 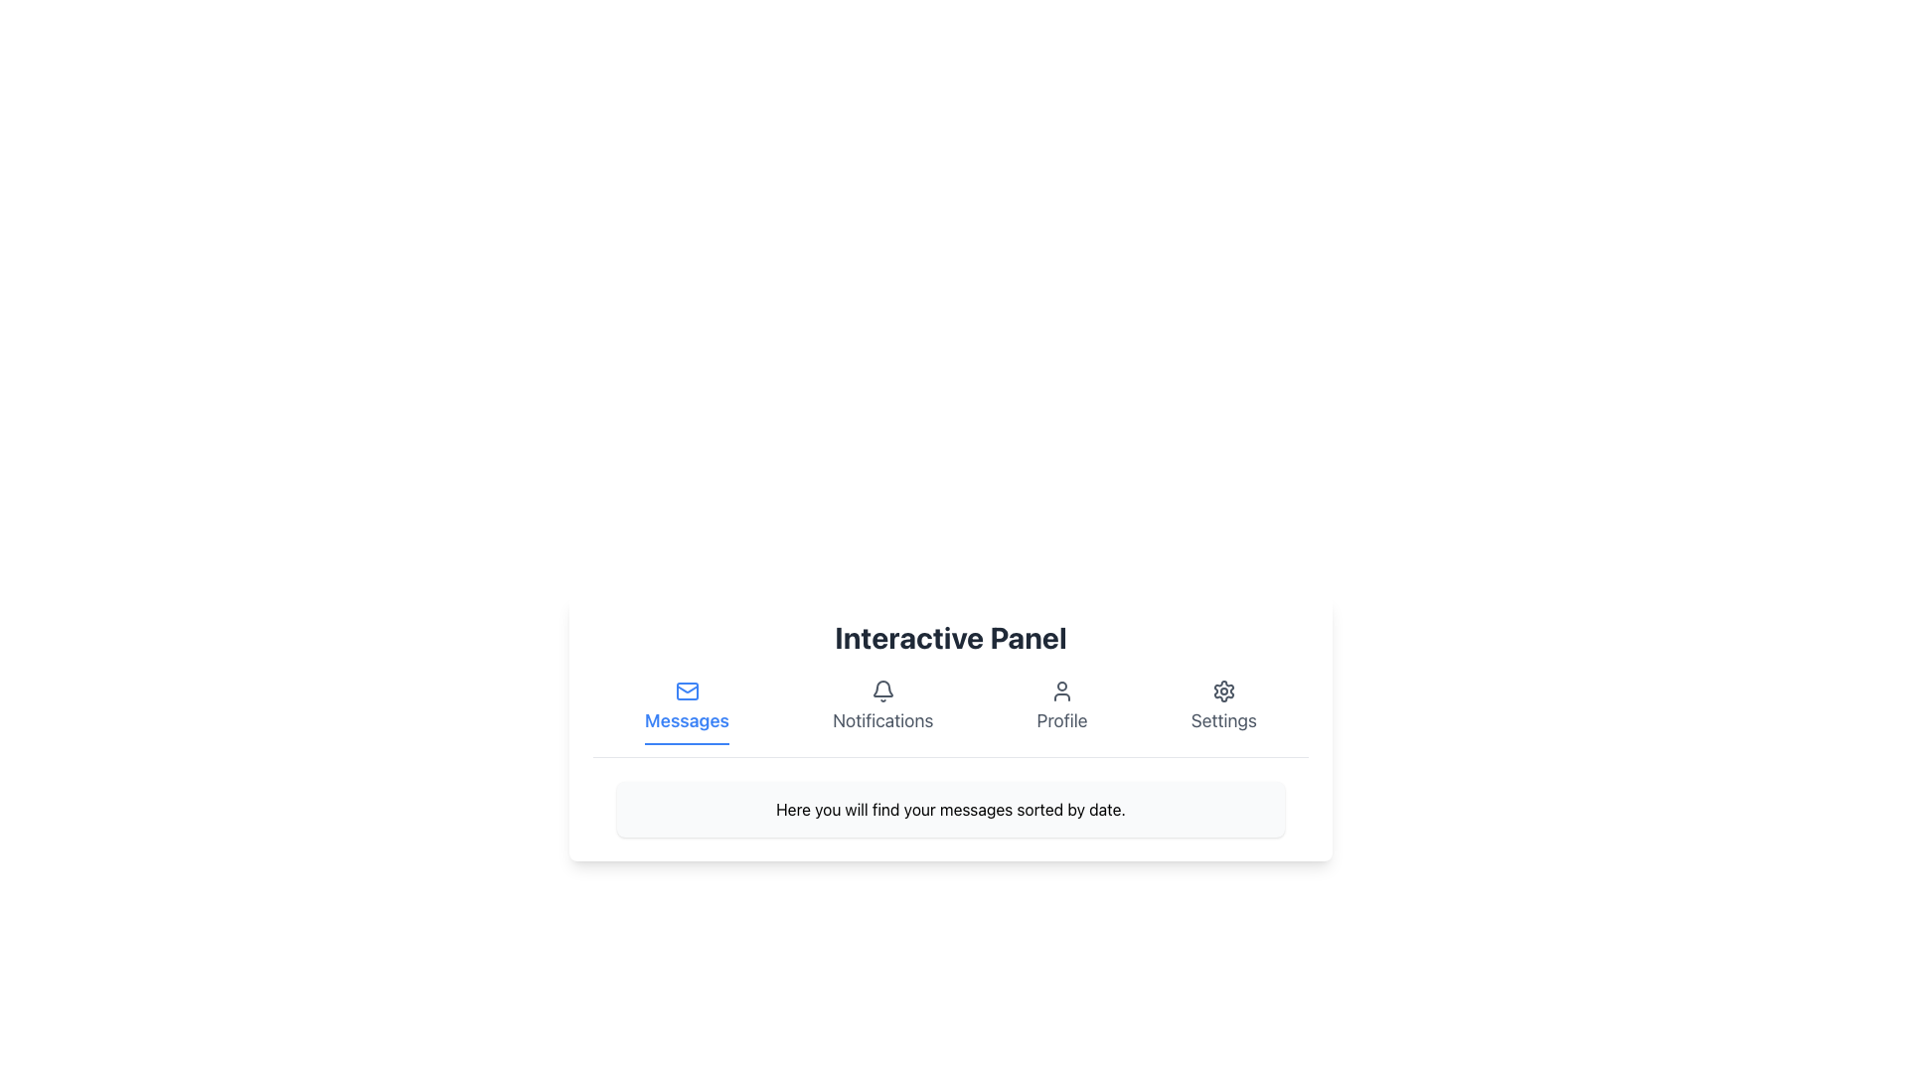 What do you see at coordinates (949, 809) in the screenshot?
I see `the static text label providing context for the 'Messages' section located under the 'Interactive Panel' header` at bounding box center [949, 809].